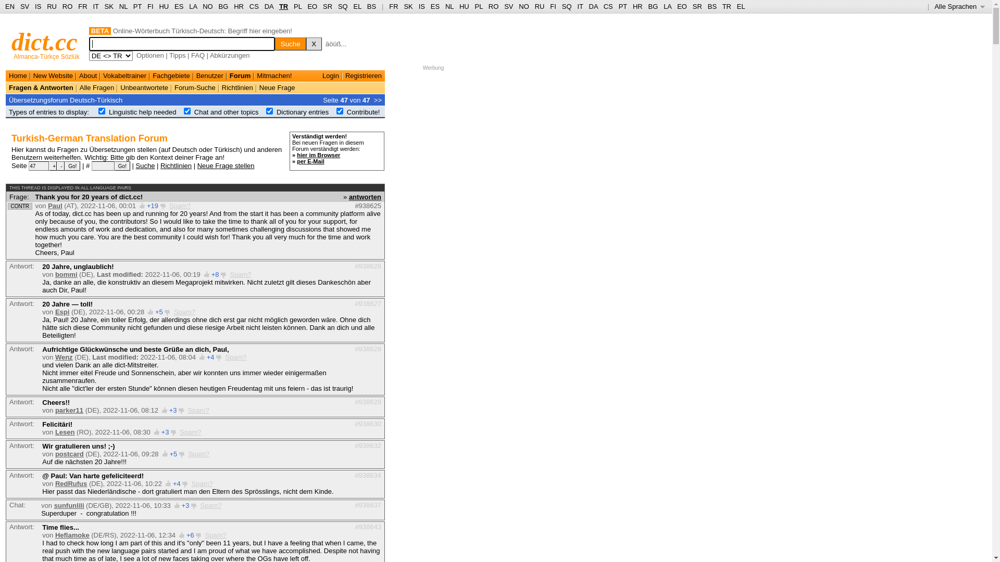  Describe the element at coordinates (20, 6) in the screenshot. I see `'SV'` at that location.